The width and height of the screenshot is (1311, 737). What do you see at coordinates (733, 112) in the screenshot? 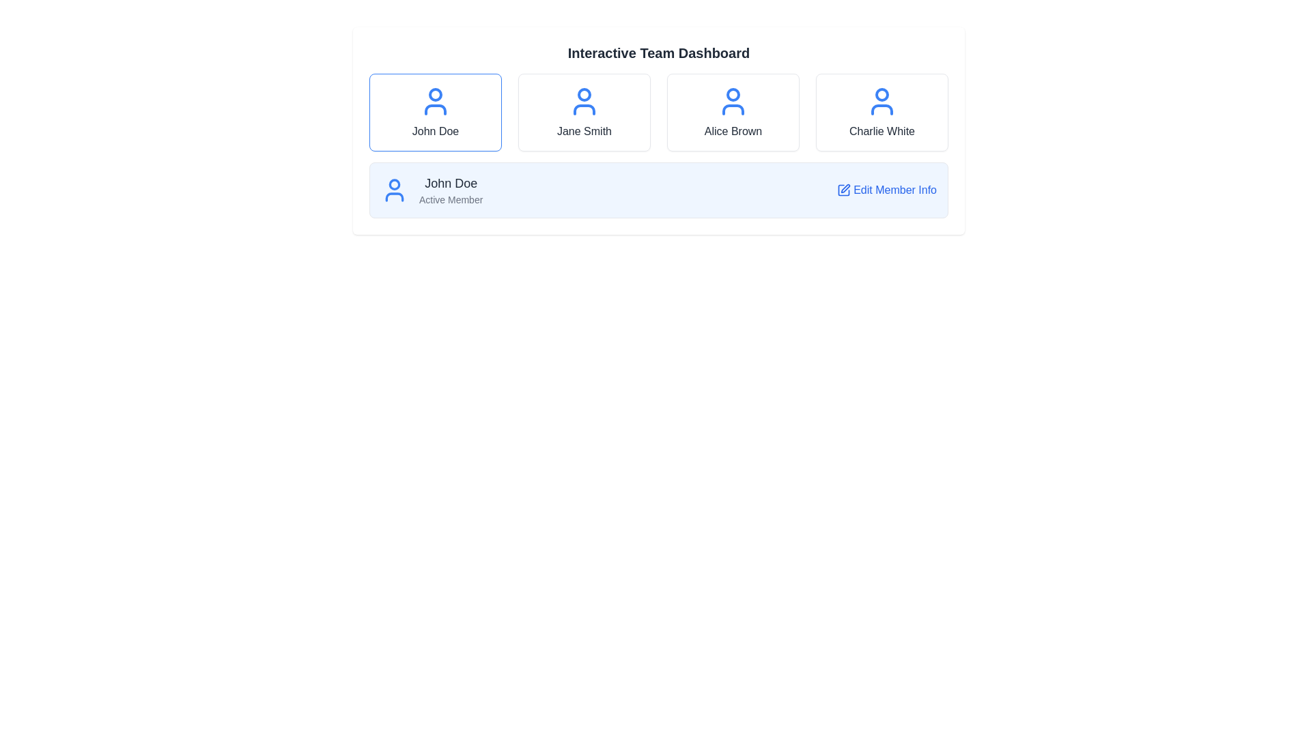
I see `the User profile card for Alice Brown, which is a rectangular panel with a light background and a blue user icon above the name in bold dark gray font, to focus on it` at bounding box center [733, 112].